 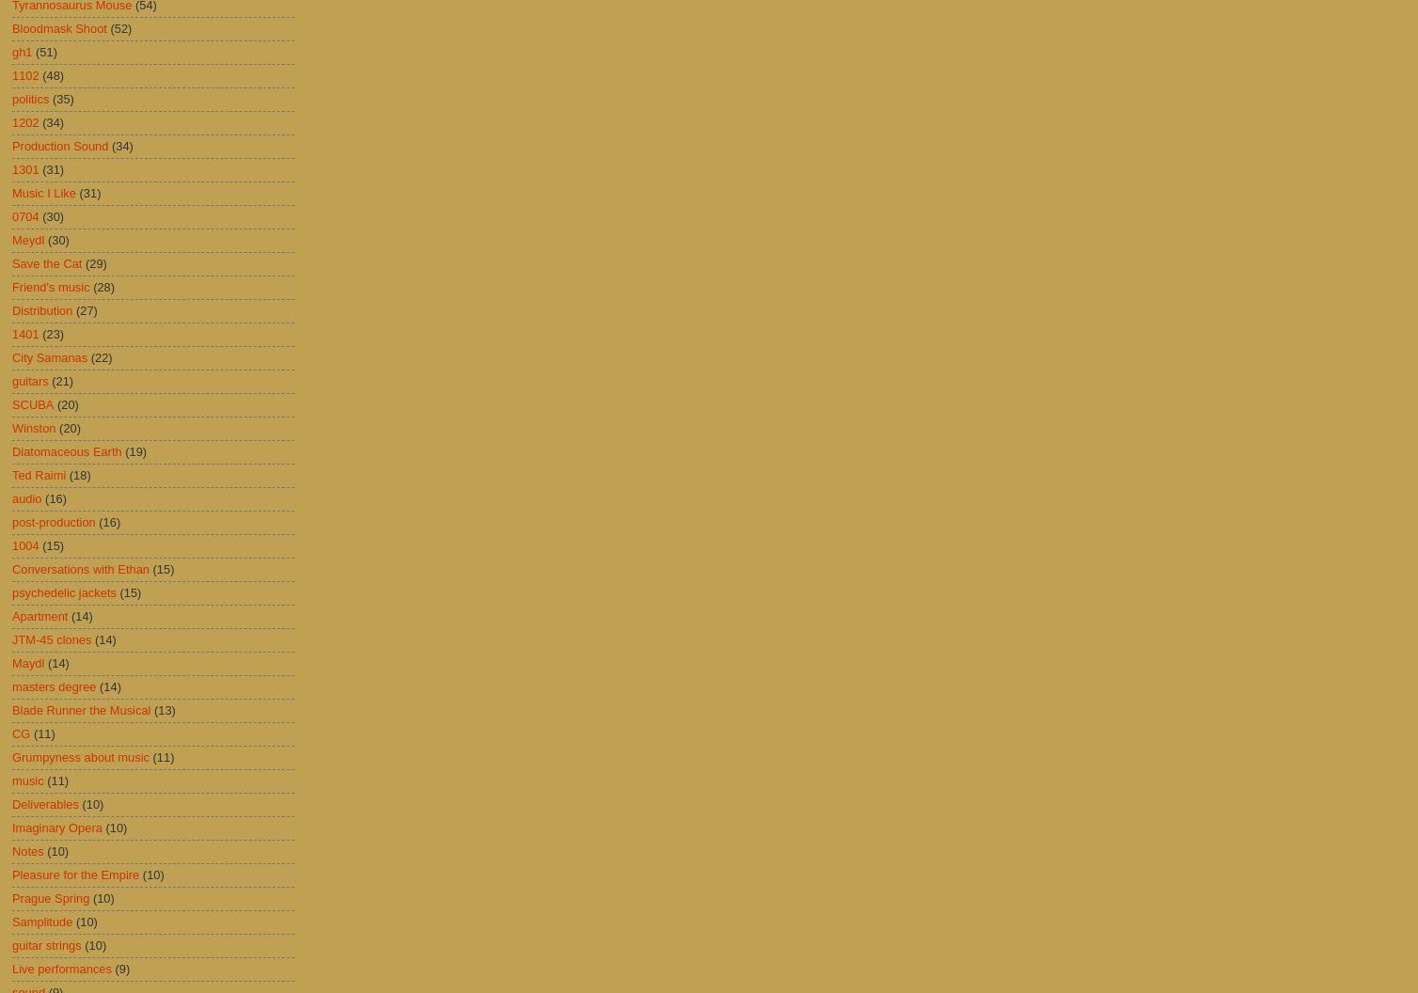 I want to click on '1401', so click(x=24, y=333).